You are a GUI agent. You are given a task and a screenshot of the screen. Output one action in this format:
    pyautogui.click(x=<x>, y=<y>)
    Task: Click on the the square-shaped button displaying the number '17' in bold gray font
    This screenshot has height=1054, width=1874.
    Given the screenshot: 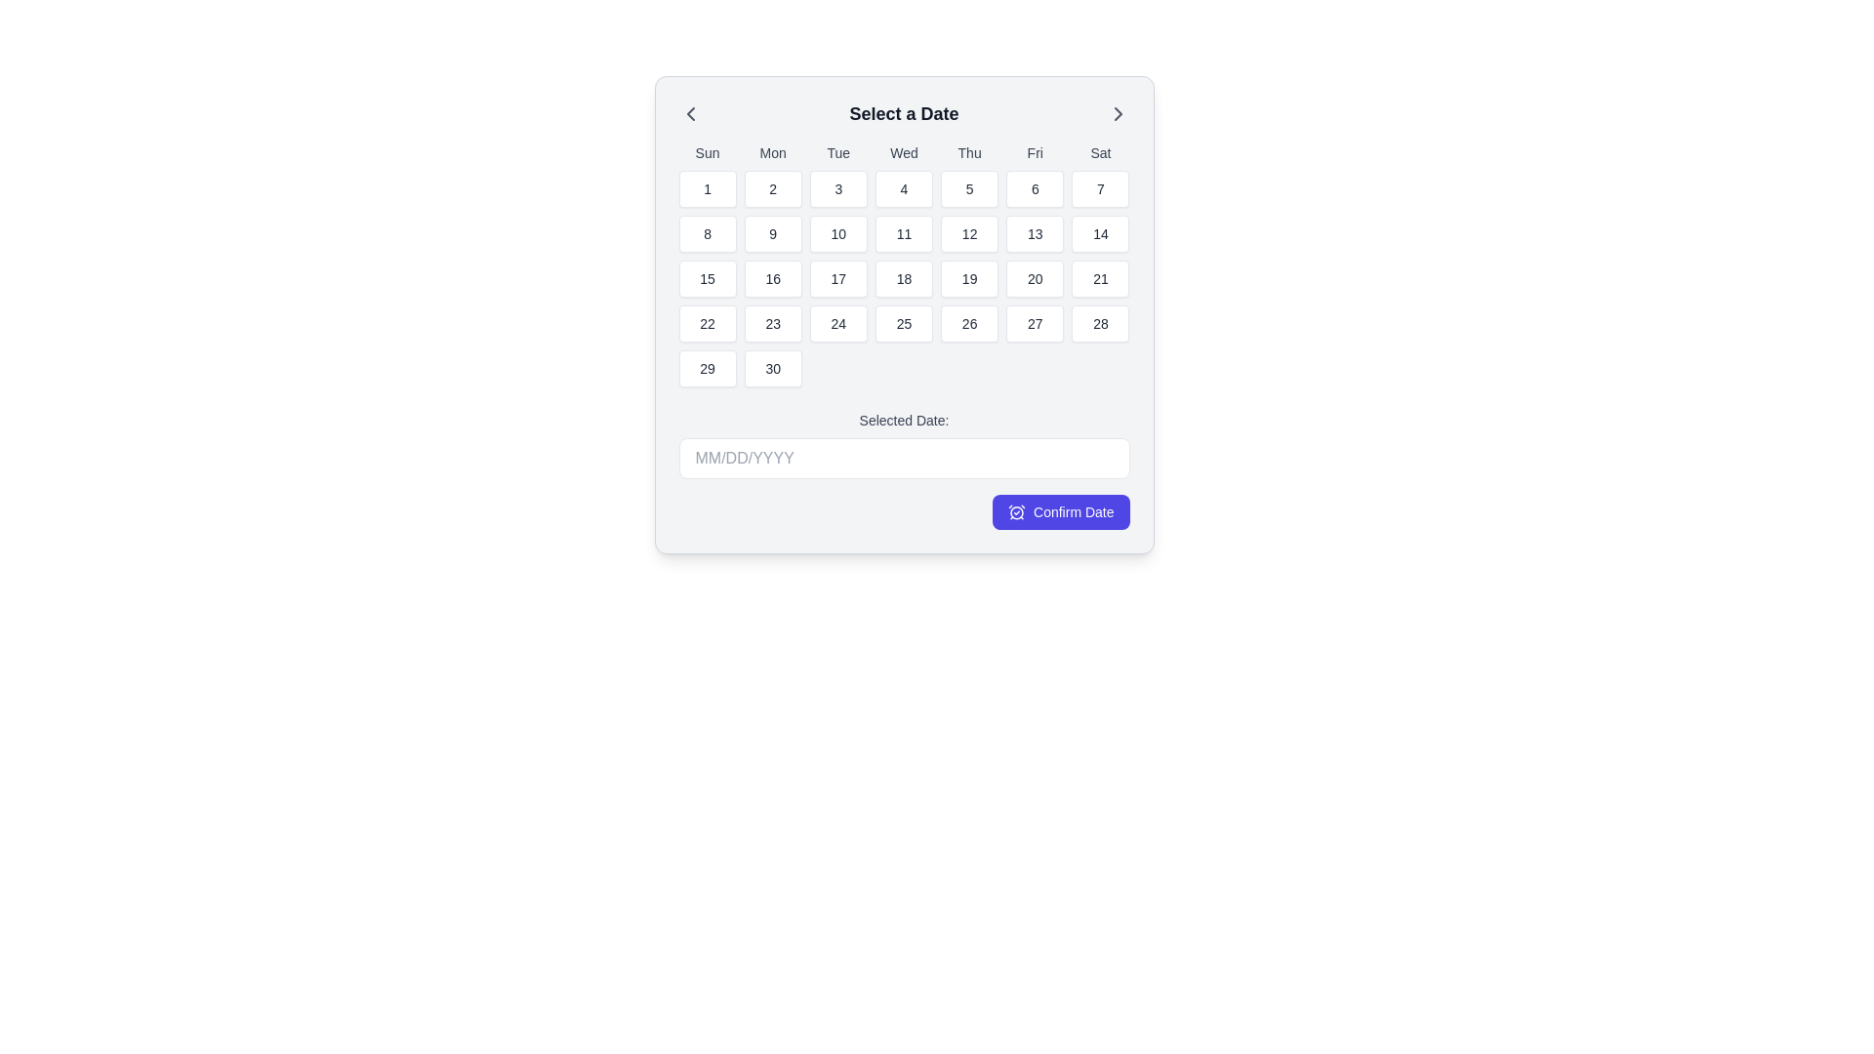 What is the action you would take?
    pyautogui.click(x=838, y=278)
    